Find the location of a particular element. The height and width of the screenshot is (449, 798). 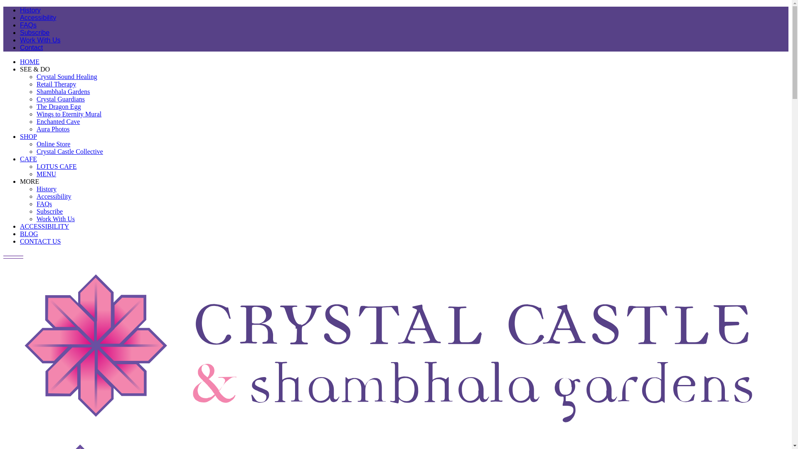

'CONTACT US' is located at coordinates (39, 241).